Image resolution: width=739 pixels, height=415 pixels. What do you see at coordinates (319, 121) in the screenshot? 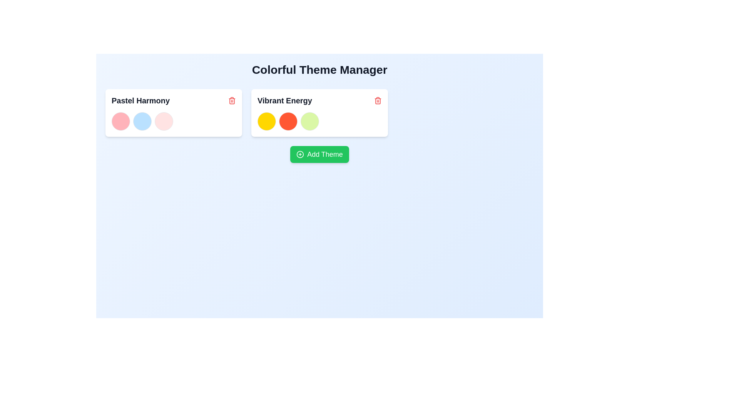
I see `the individual circle representing a selectable color option or style preview within the 'Vibrant Energy' card located beneath the card's title` at bounding box center [319, 121].